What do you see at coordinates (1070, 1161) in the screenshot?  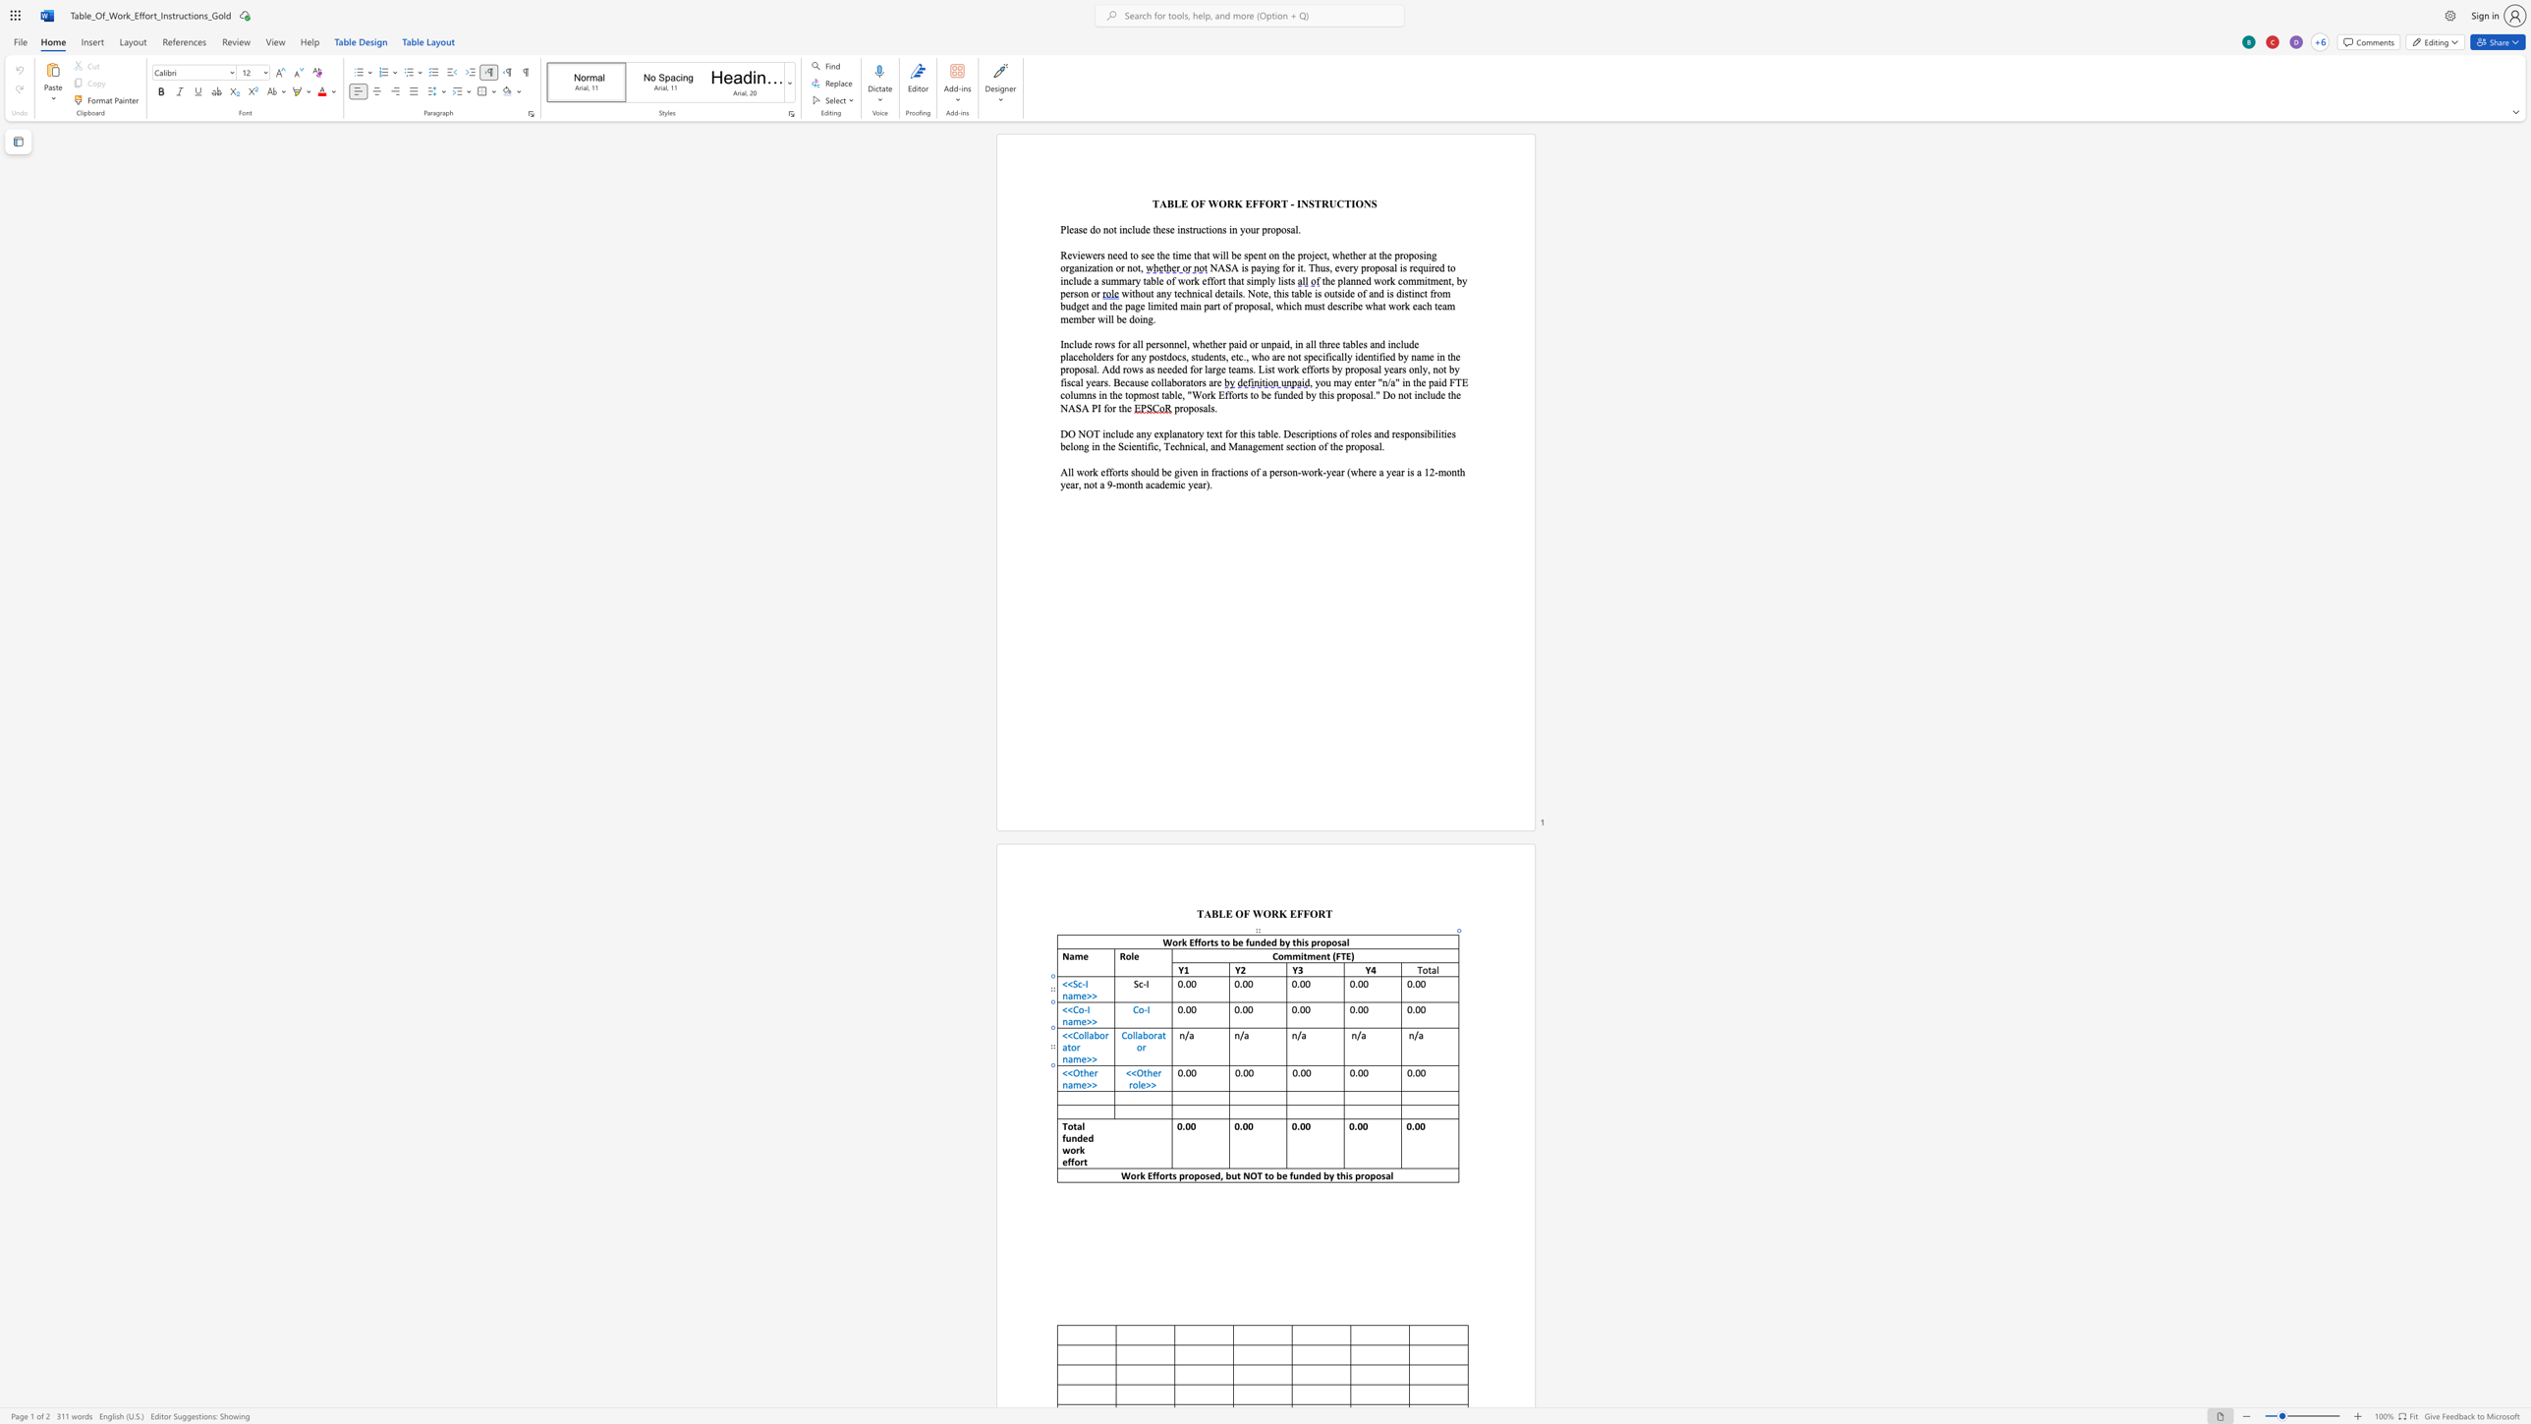 I see `the space between the continuous character "f" and "f" in the text` at bounding box center [1070, 1161].